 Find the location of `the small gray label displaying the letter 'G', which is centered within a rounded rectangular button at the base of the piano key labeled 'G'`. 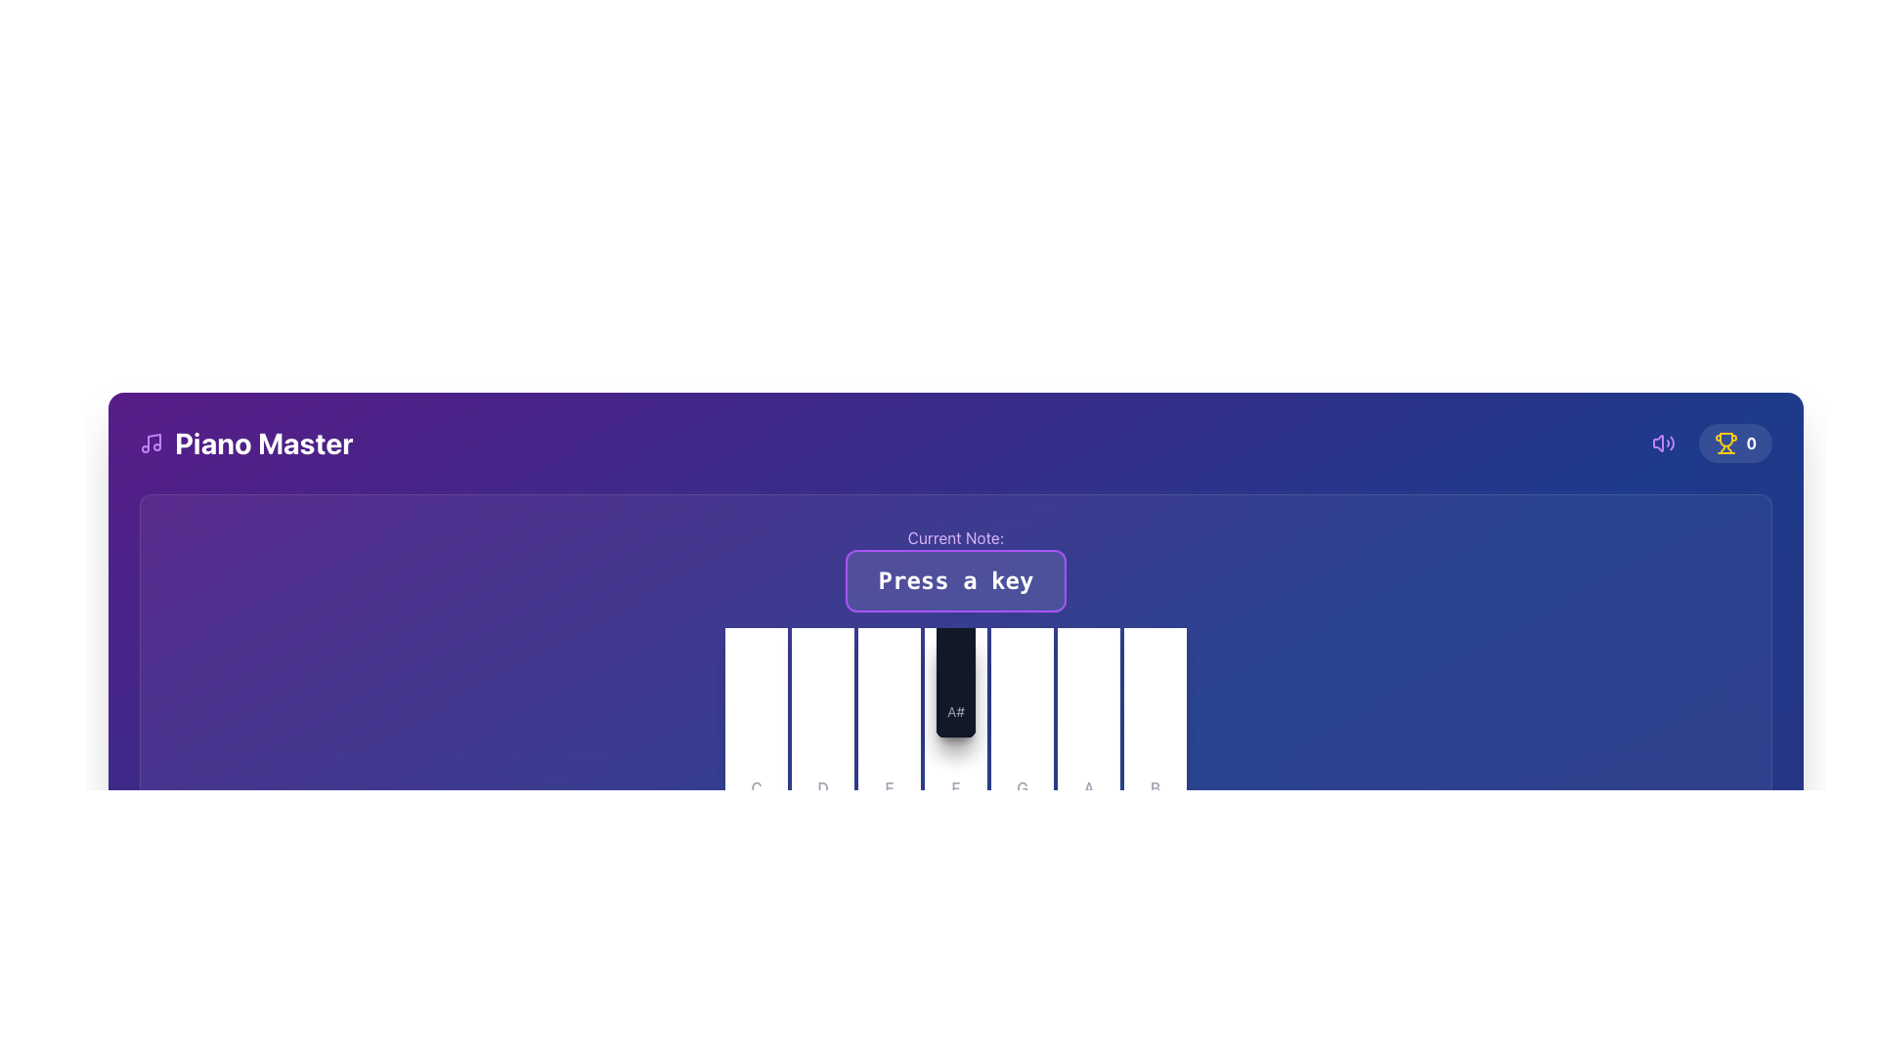

the small gray label displaying the letter 'G', which is centered within a rounded rectangular button at the base of the piano key labeled 'G' is located at coordinates (1022, 786).